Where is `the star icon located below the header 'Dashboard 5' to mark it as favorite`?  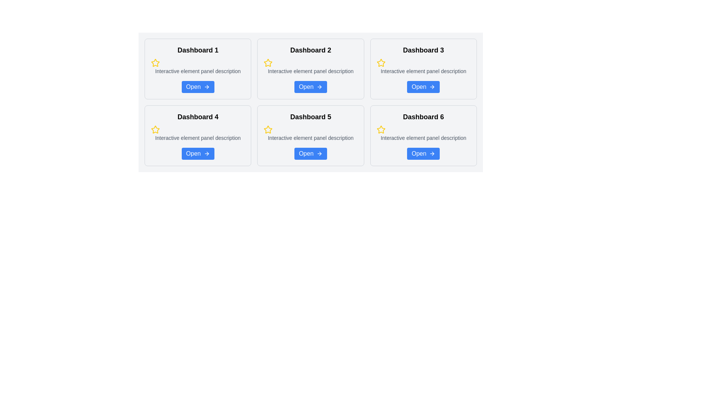 the star icon located below the header 'Dashboard 5' to mark it as favorite is located at coordinates (268, 129).